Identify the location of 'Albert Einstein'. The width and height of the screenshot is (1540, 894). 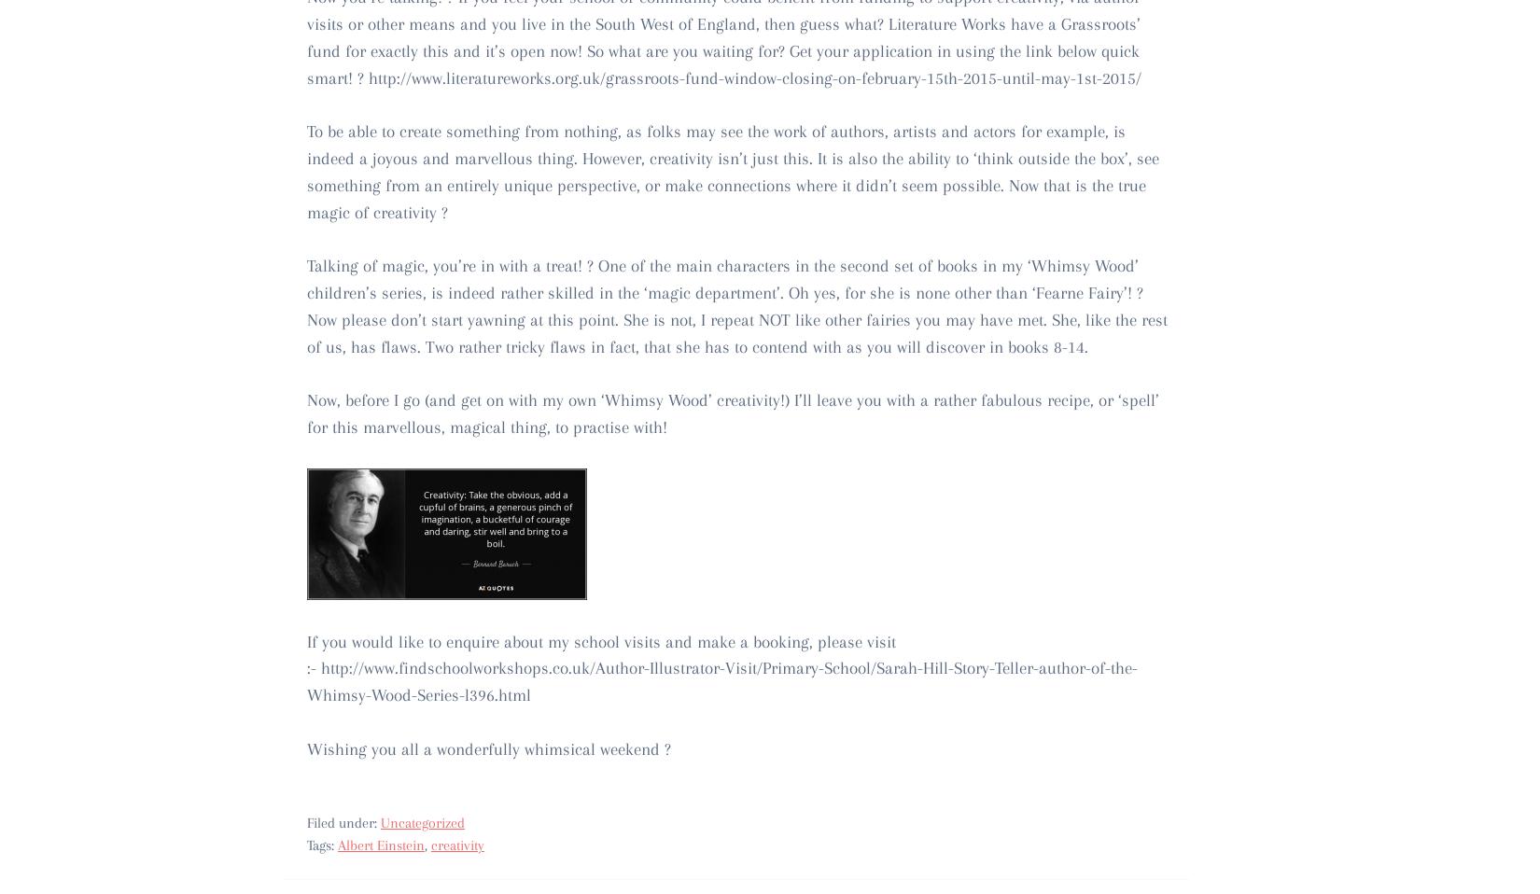
(381, 845).